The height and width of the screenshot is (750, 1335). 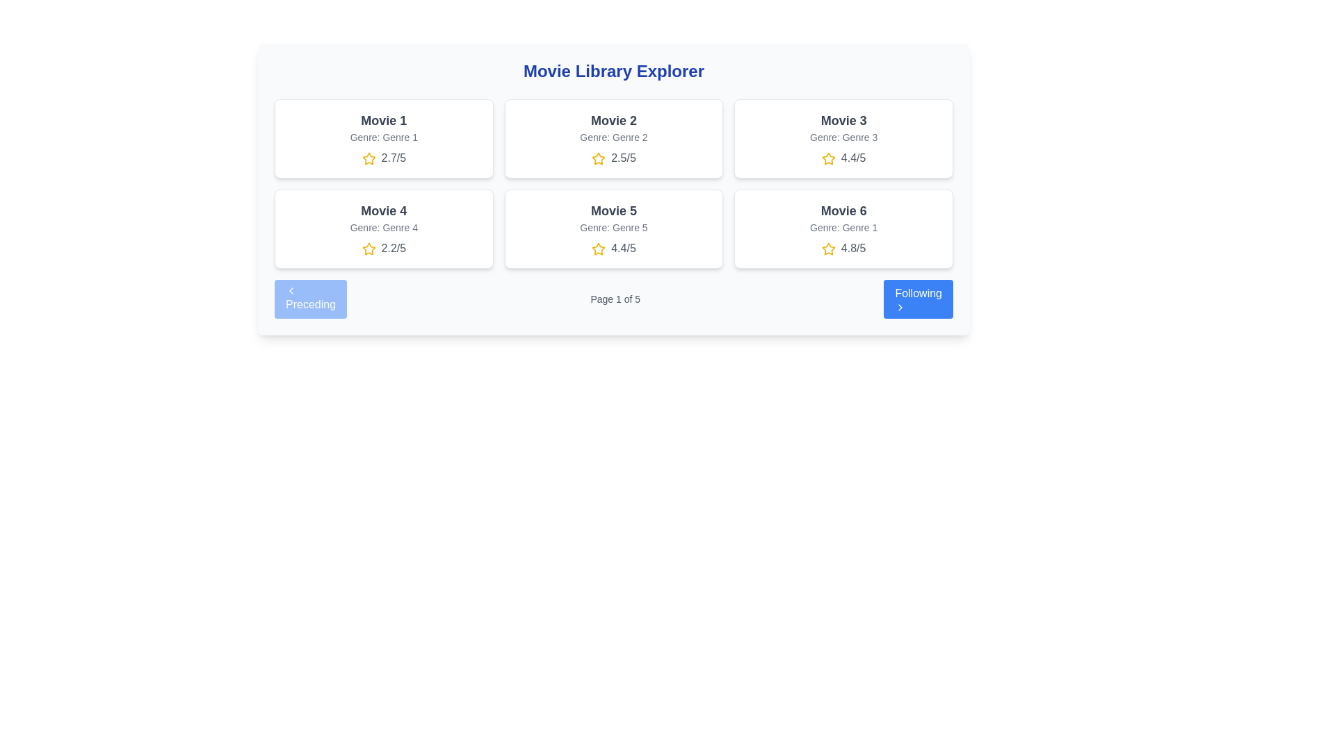 I want to click on the Feature card located in the top-left corner of the grid layout, which represents a movie with its title, genre, and rating, so click(x=384, y=139).